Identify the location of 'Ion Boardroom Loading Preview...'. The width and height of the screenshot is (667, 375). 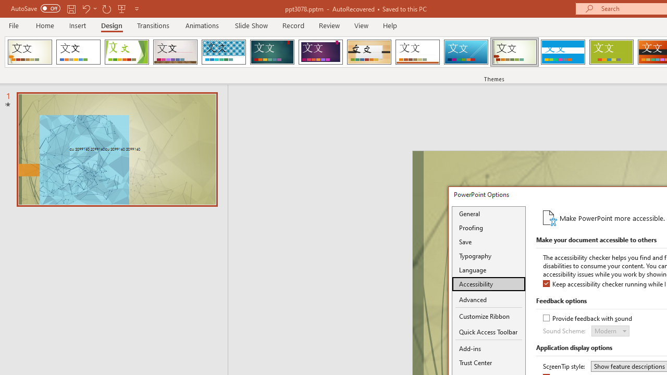
(320, 52).